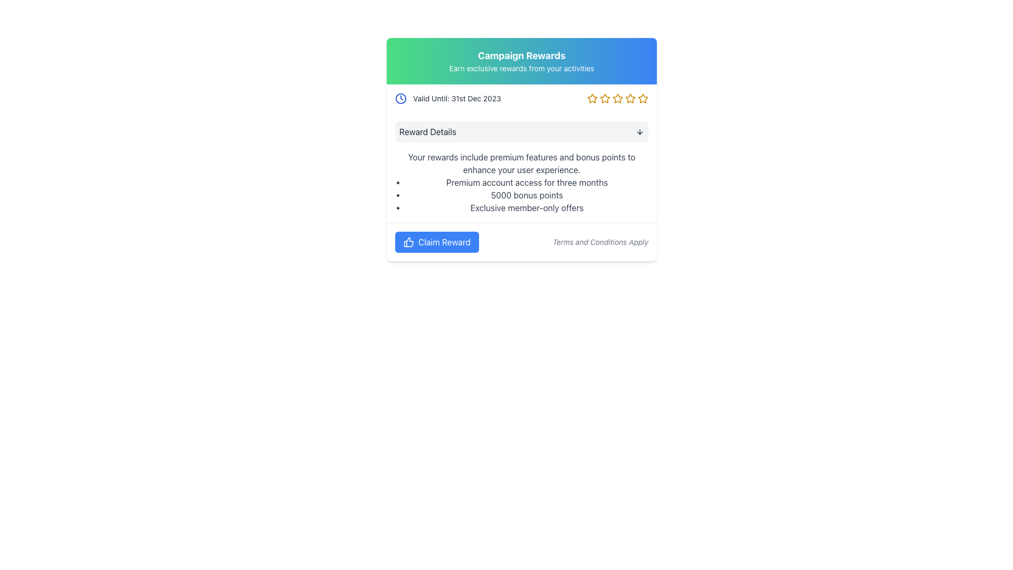 This screenshot has width=1013, height=570. What do you see at coordinates (618, 98) in the screenshot?
I see `the fourth star icon in the 5-star rating system, located near the top center of the interface, to the right of the text 'Valid Until: 31st Dec 2023'` at bounding box center [618, 98].